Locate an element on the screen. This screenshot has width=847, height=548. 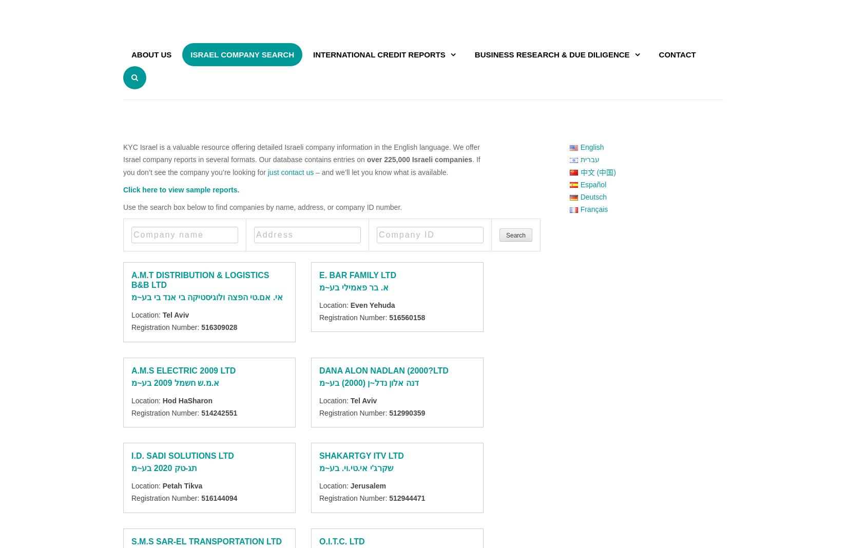
'אי. אם.טי הפצה ולוגיסטיקה בי אנד בי  בע~מ' is located at coordinates (207, 297).